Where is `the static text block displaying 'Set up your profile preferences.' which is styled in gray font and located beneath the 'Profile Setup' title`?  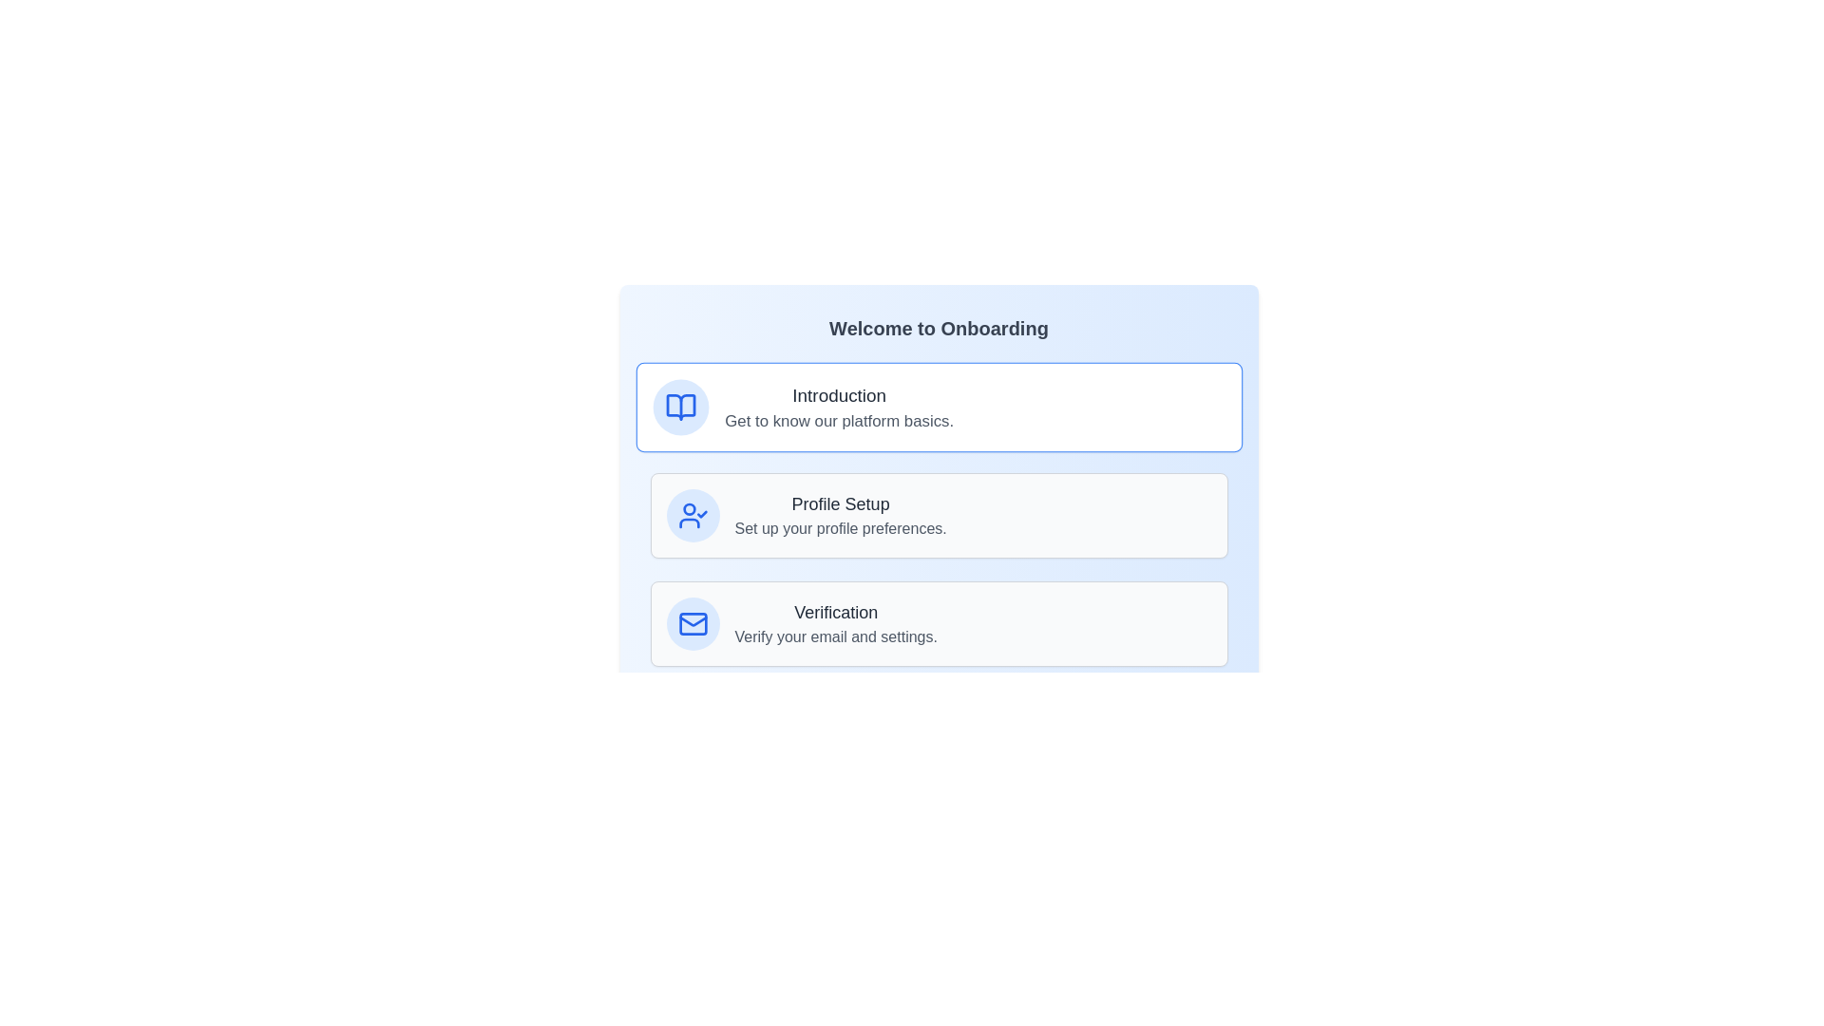
the static text block displaying 'Set up your profile preferences.' which is styled in gray font and located beneath the 'Profile Setup' title is located at coordinates (840, 528).